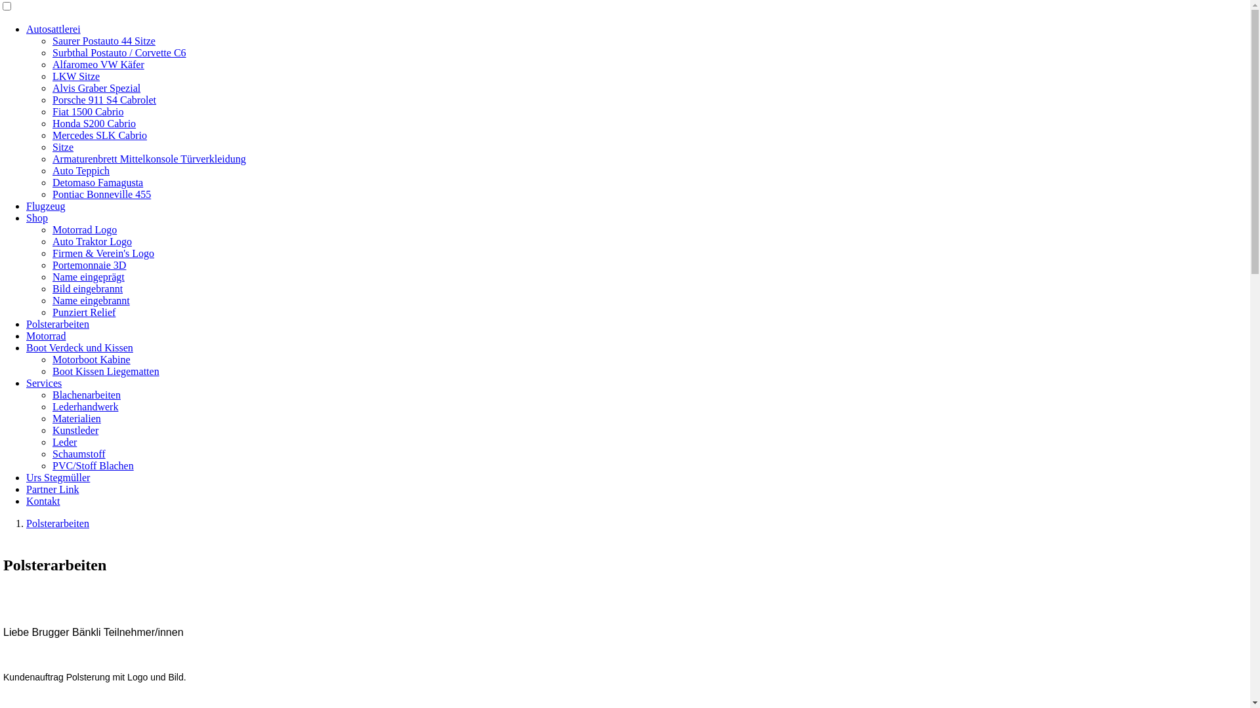 This screenshot has width=1260, height=708. What do you see at coordinates (91, 359) in the screenshot?
I see `'Motorboot Kabine'` at bounding box center [91, 359].